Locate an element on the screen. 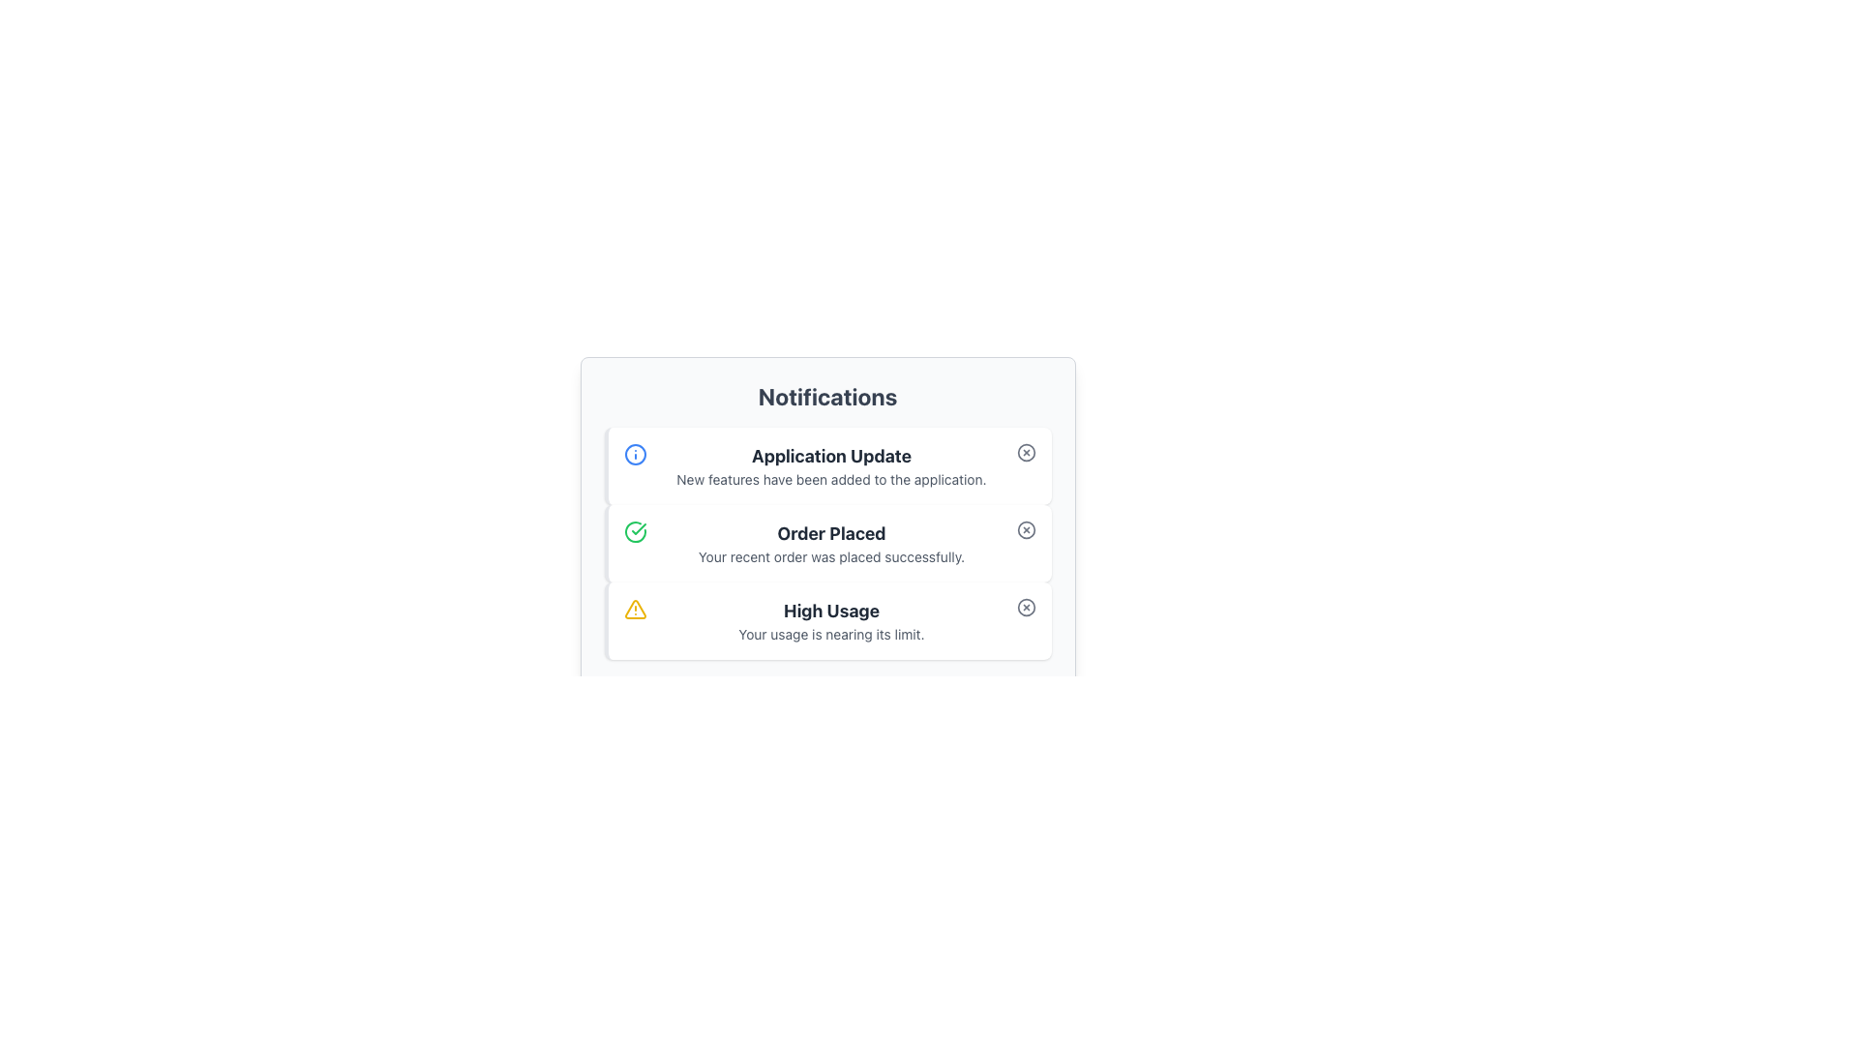 The height and width of the screenshot is (1045, 1858). the notification header and description text block that indicates the successful placement of a recent order, which is located in the middle of the notification card is located at coordinates (831, 544).